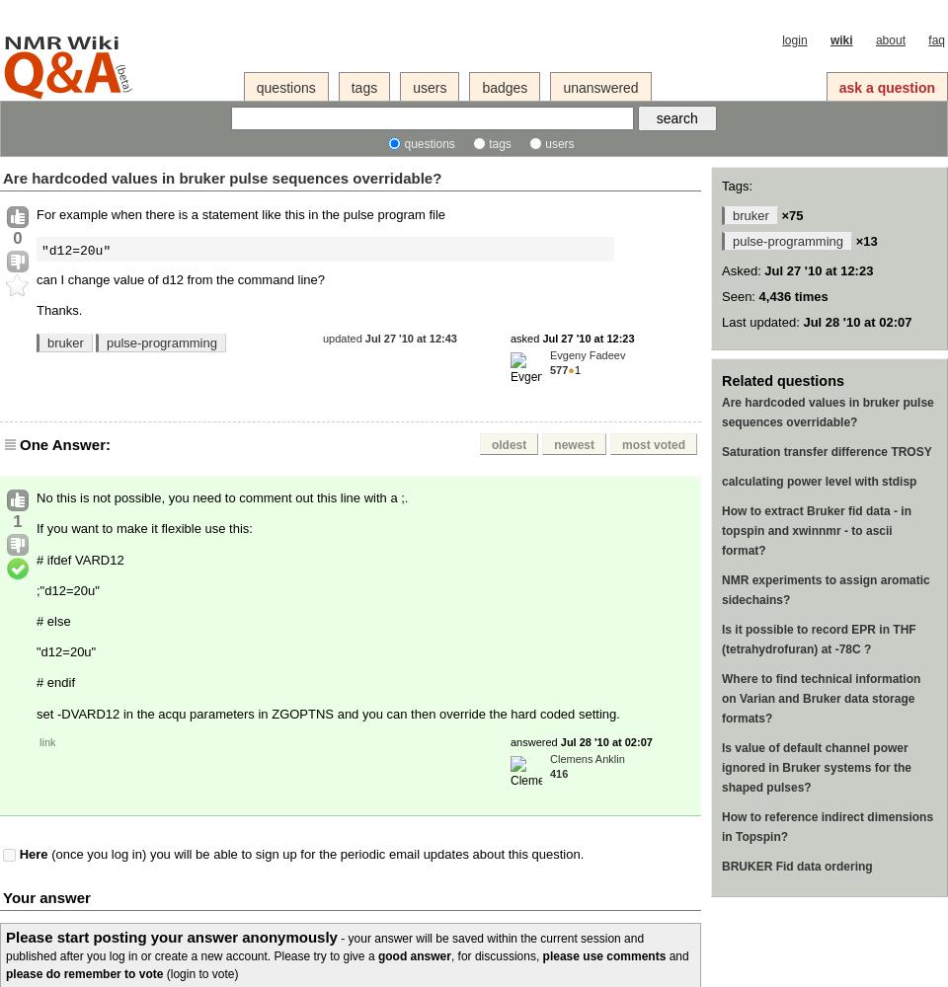 The height and width of the screenshot is (987, 948). Describe the element at coordinates (327, 712) in the screenshot. I see `'set -DVARD12 in the acqu parameters in ZGOPTNS and you can then override the hard coded setting.'` at that location.